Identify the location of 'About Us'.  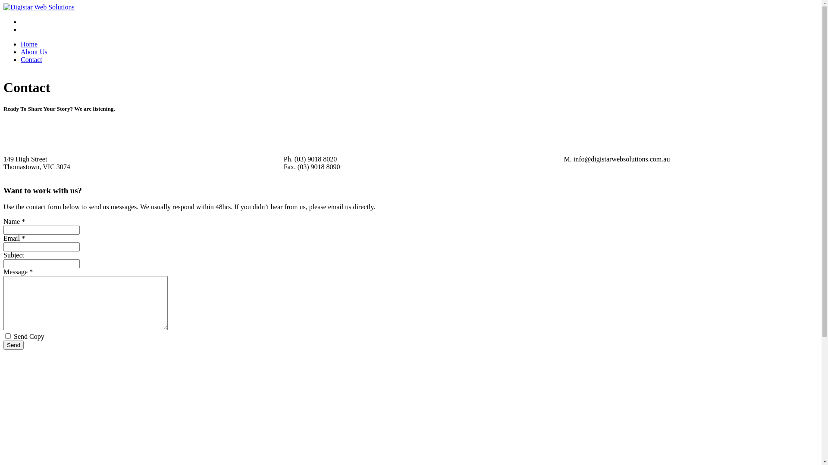
(34, 52).